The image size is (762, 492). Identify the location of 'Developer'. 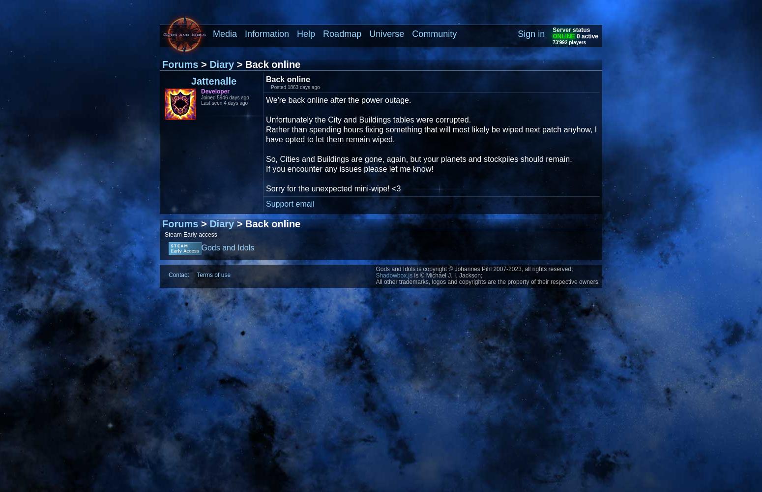
(215, 92).